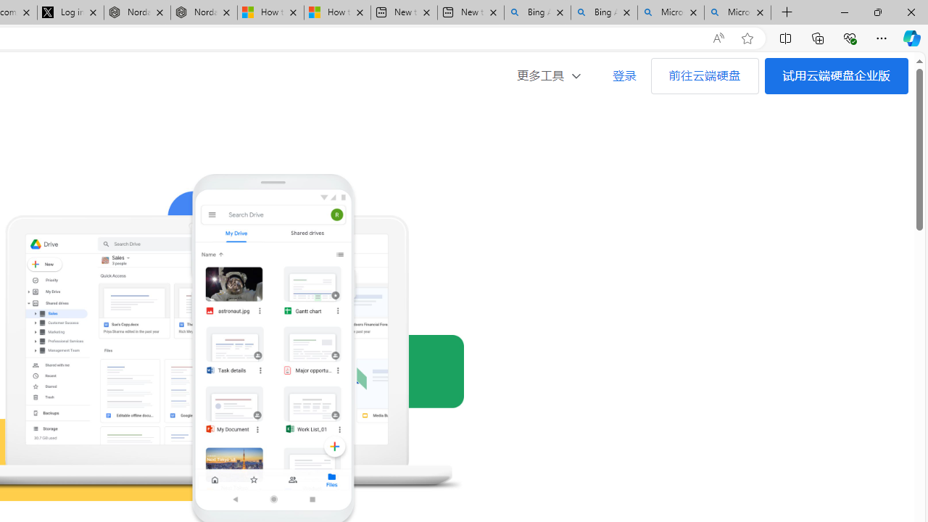 This screenshot has width=928, height=522. What do you see at coordinates (70, 12) in the screenshot?
I see `'Log in to X / X'` at bounding box center [70, 12].